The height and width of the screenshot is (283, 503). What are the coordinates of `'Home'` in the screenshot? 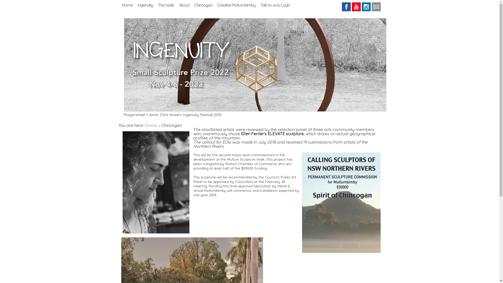 It's located at (121, 4).